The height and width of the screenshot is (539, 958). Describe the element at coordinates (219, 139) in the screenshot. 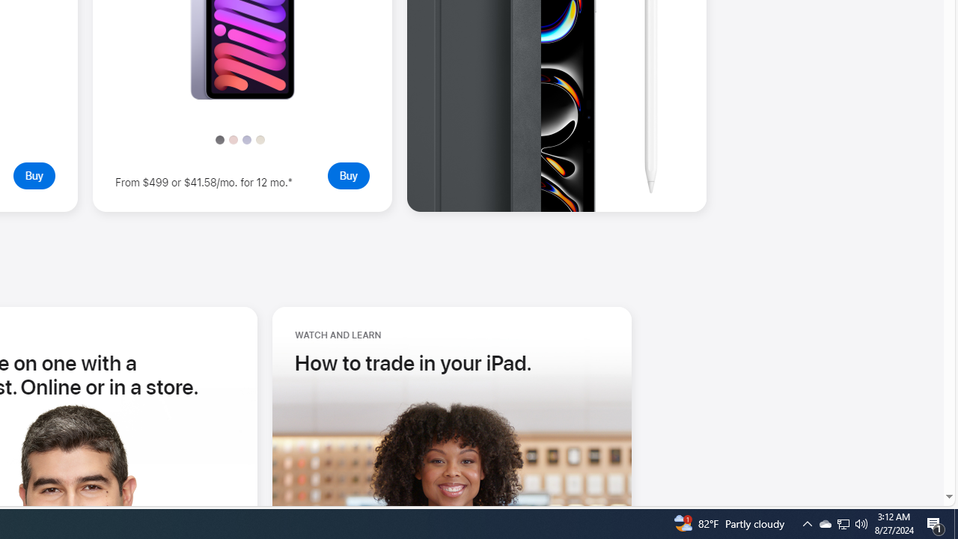

I see `'Space Gray'` at that location.